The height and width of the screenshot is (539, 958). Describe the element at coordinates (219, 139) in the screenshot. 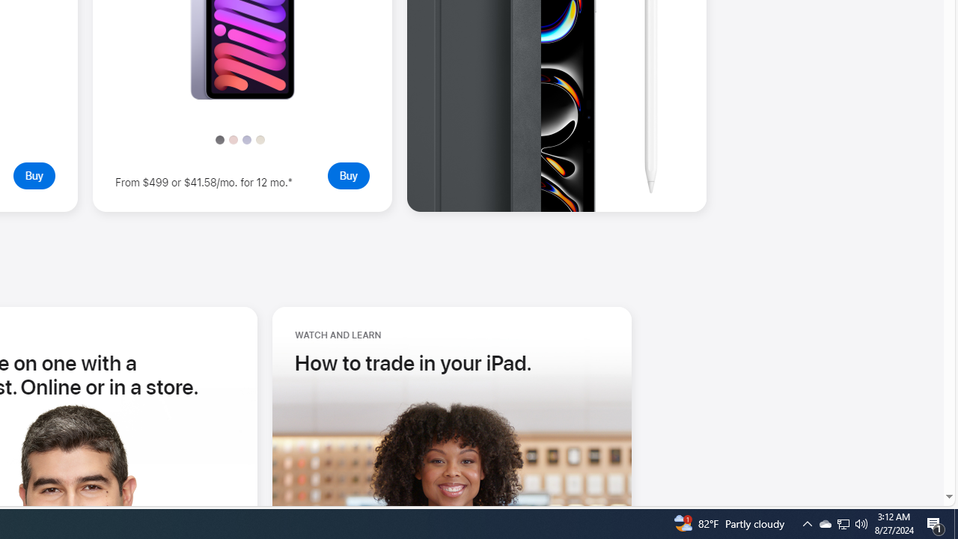

I see `'Space Gray'` at that location.